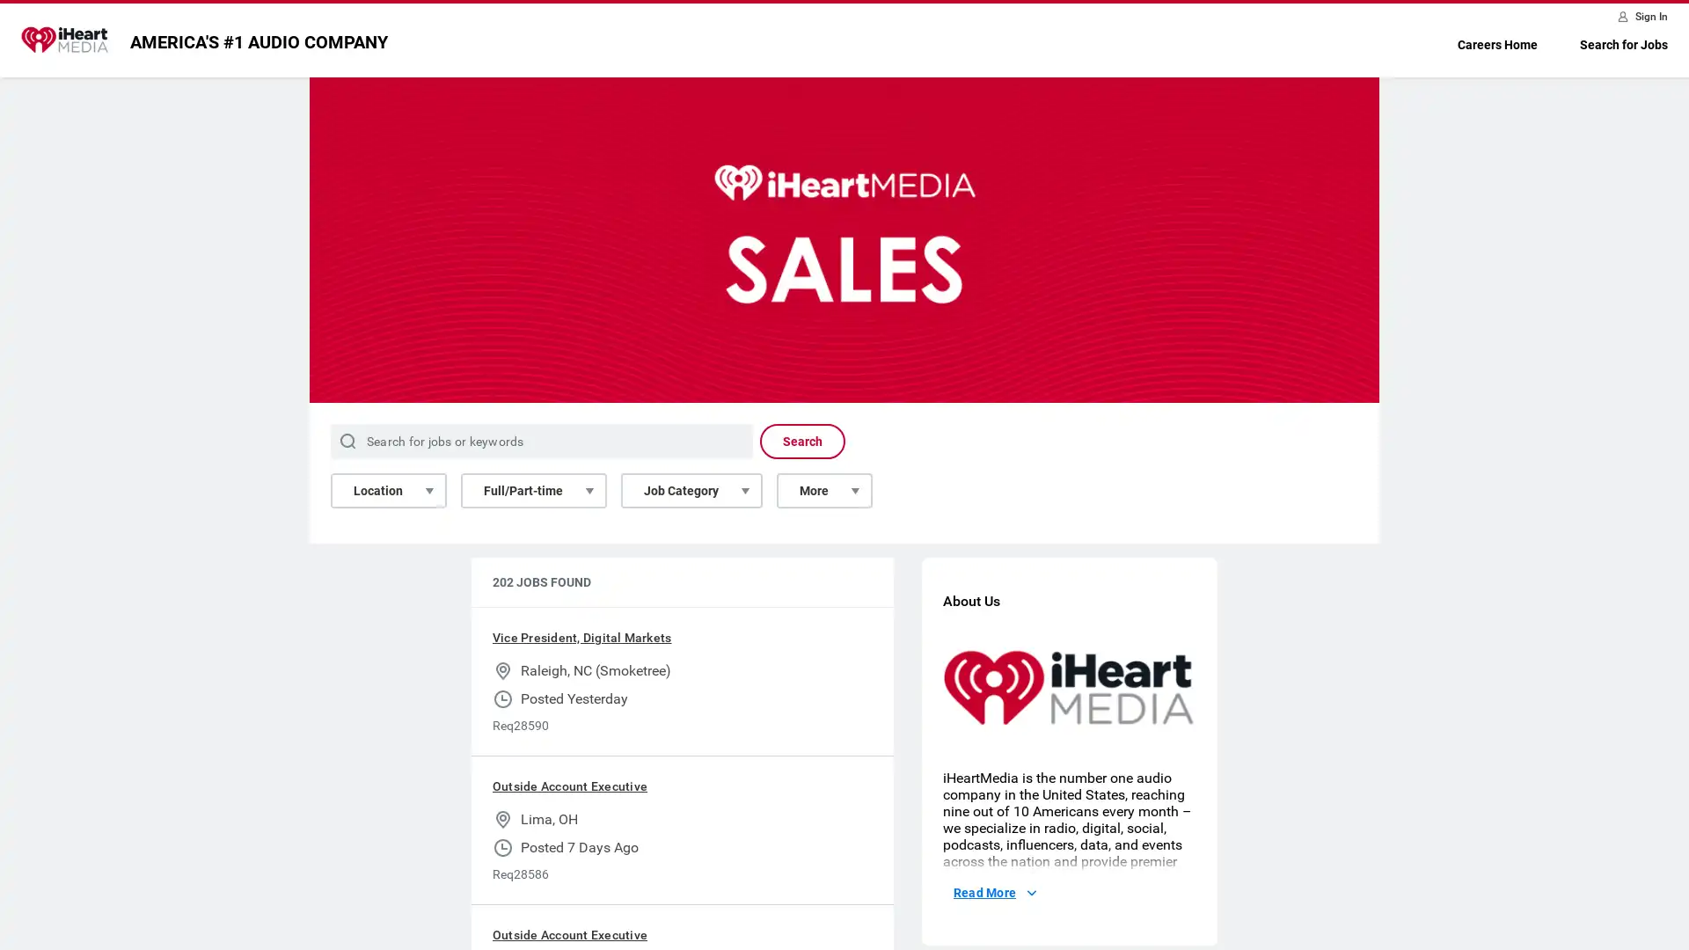 The height and width of the screenshot is (950, 1689). I want to click on Read More About Us, so click(993, 892).